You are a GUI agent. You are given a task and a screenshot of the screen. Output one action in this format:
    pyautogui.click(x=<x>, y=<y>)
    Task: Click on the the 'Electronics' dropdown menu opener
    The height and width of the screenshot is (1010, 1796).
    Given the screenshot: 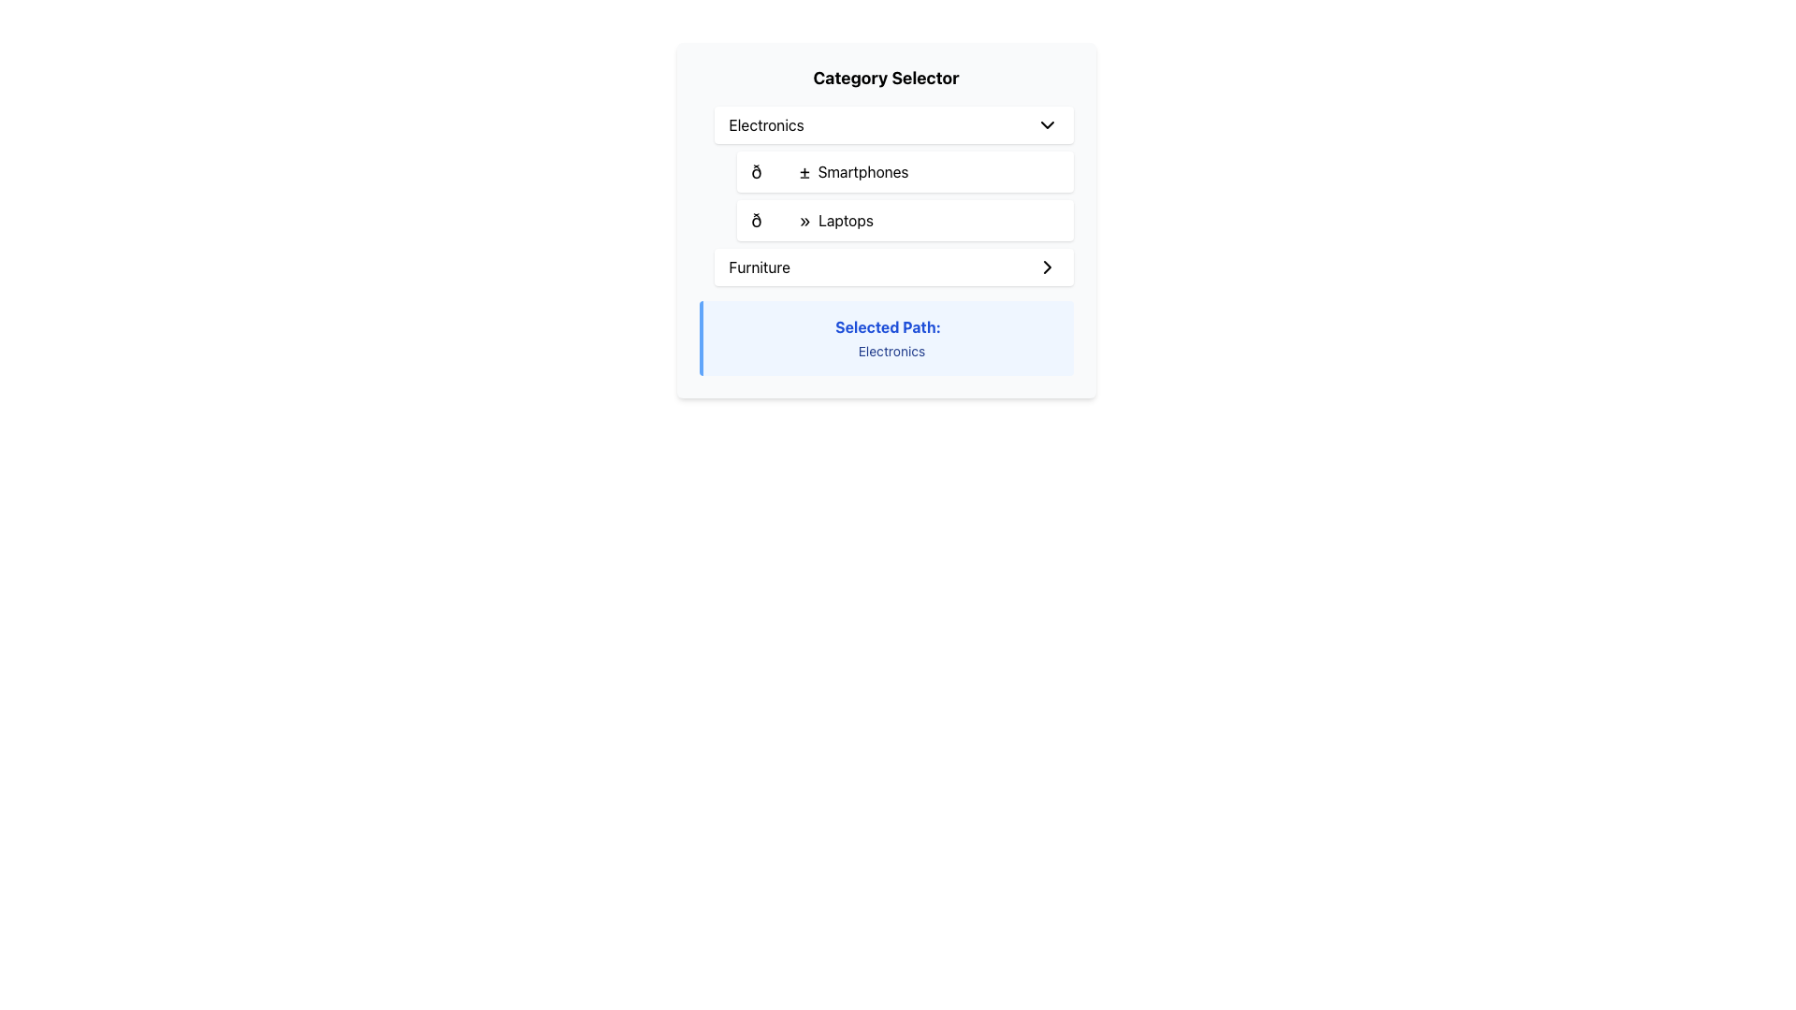 What is the action you would take?
    pyautogui.click(x=892, y=125)
    